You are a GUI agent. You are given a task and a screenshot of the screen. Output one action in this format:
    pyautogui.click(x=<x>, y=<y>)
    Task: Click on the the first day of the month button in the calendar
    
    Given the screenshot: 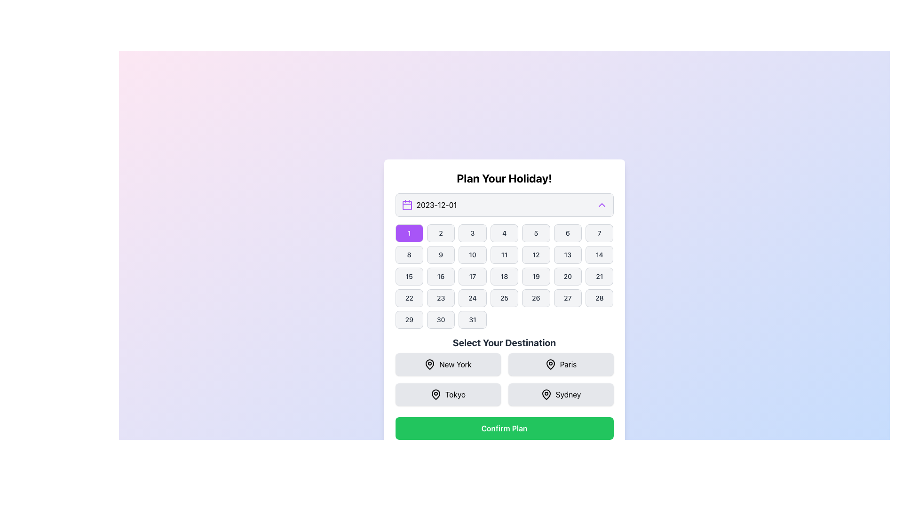 What is the action you would take?
    pyautogui.click(x=409, y=233)
    